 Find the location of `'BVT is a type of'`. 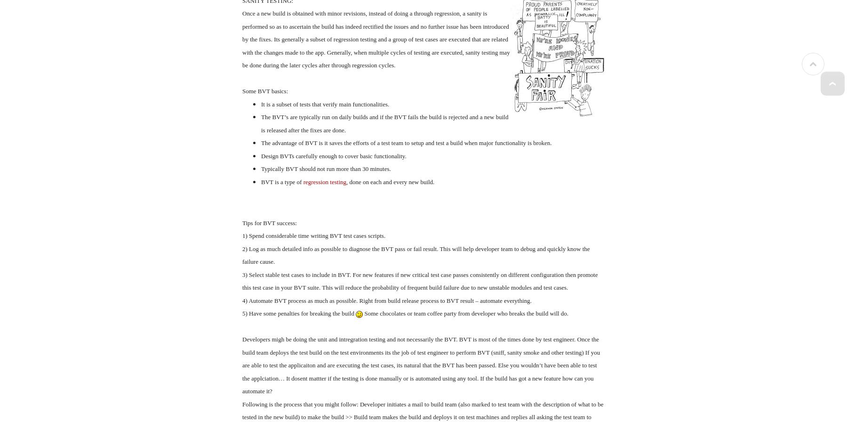

'BVT is a type of' is located at coordinates (282, 181).